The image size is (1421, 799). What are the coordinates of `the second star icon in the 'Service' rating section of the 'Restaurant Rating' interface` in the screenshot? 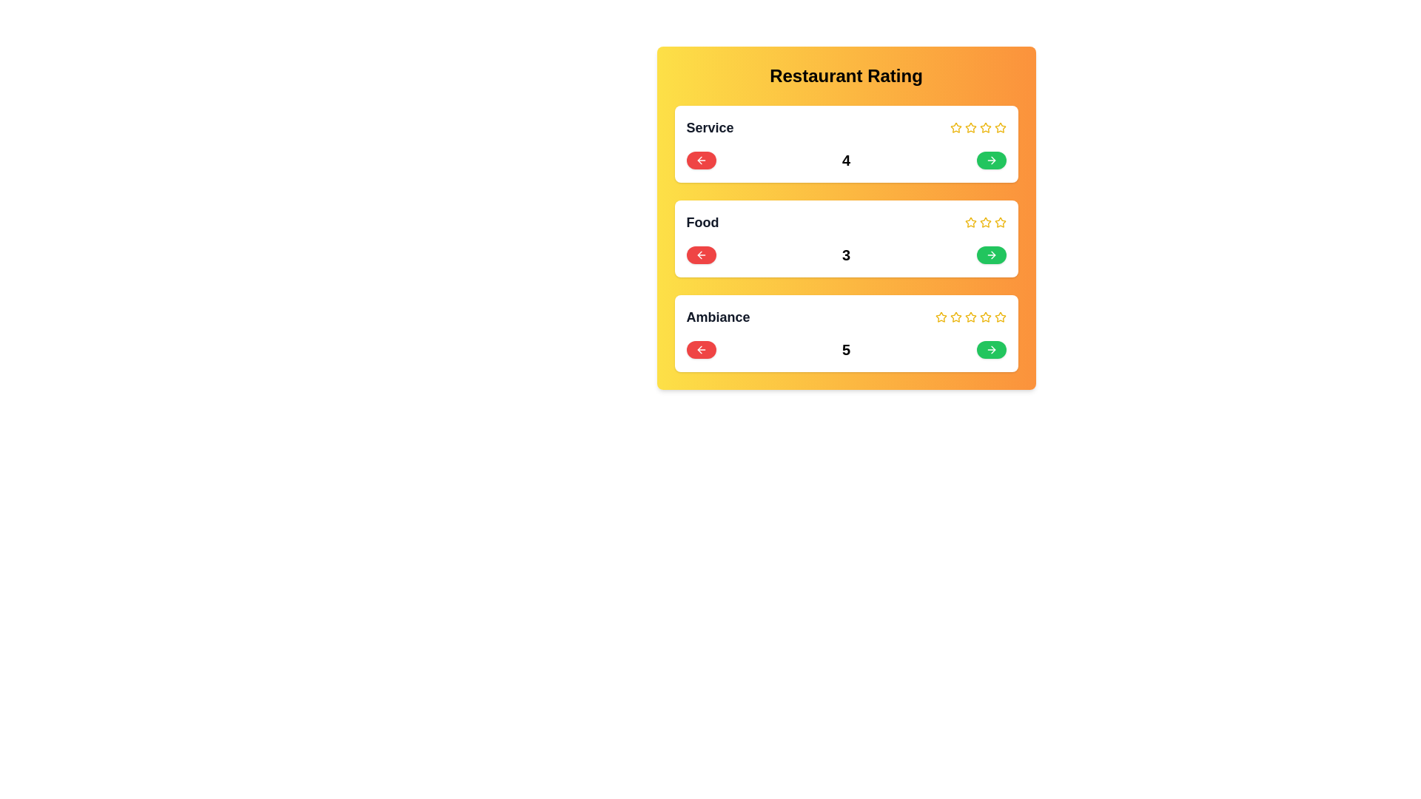 It's located at (970, 127).